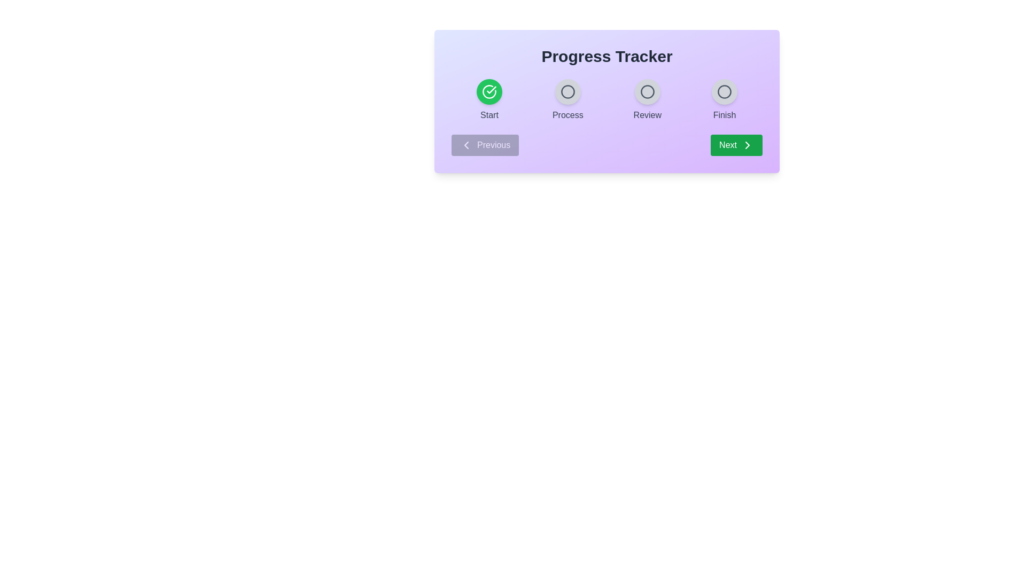  I want to click on the 'Process' step indicator in the progress tracker, which is the second component in the sequence between 'Start' and 'Review', so click(567, 100).